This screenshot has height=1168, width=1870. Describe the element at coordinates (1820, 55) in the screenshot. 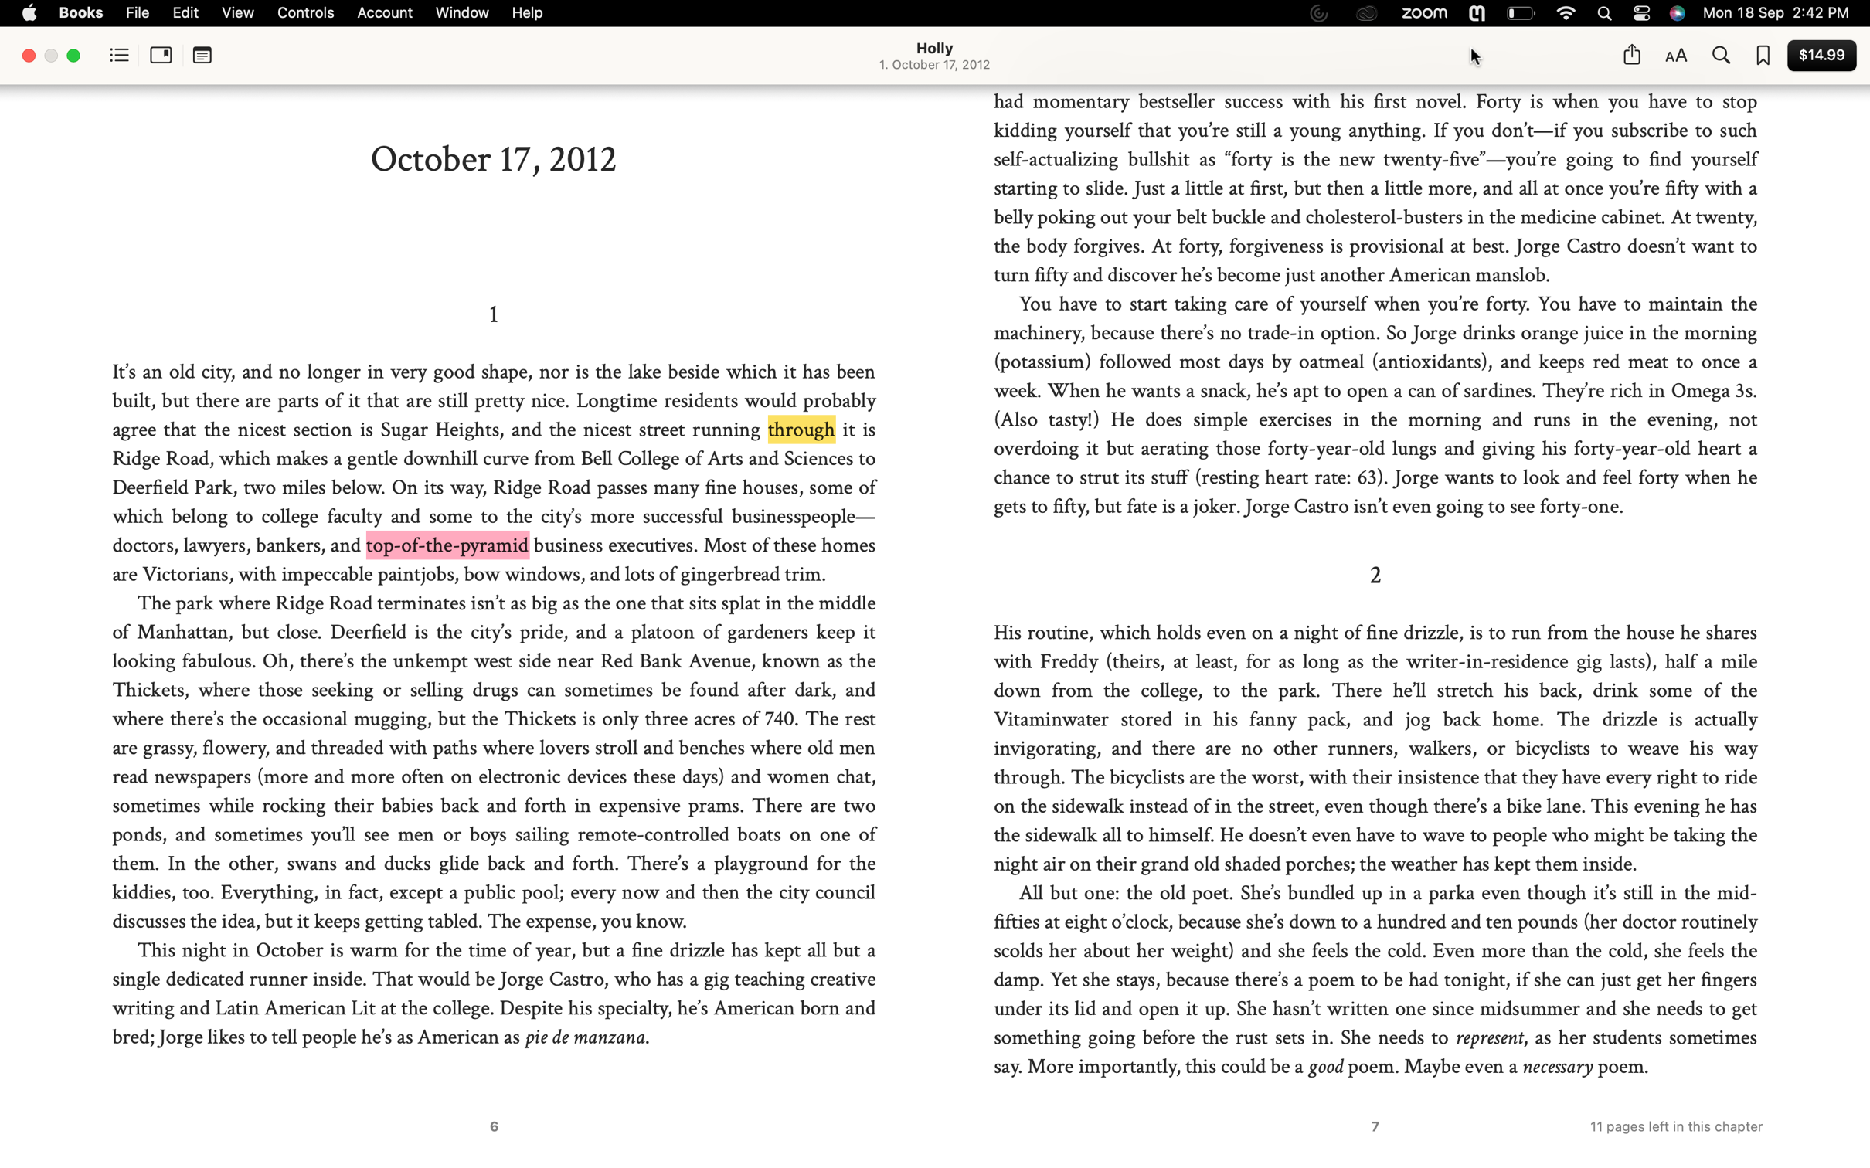

I see `Purchase the book presently selected` at that location.